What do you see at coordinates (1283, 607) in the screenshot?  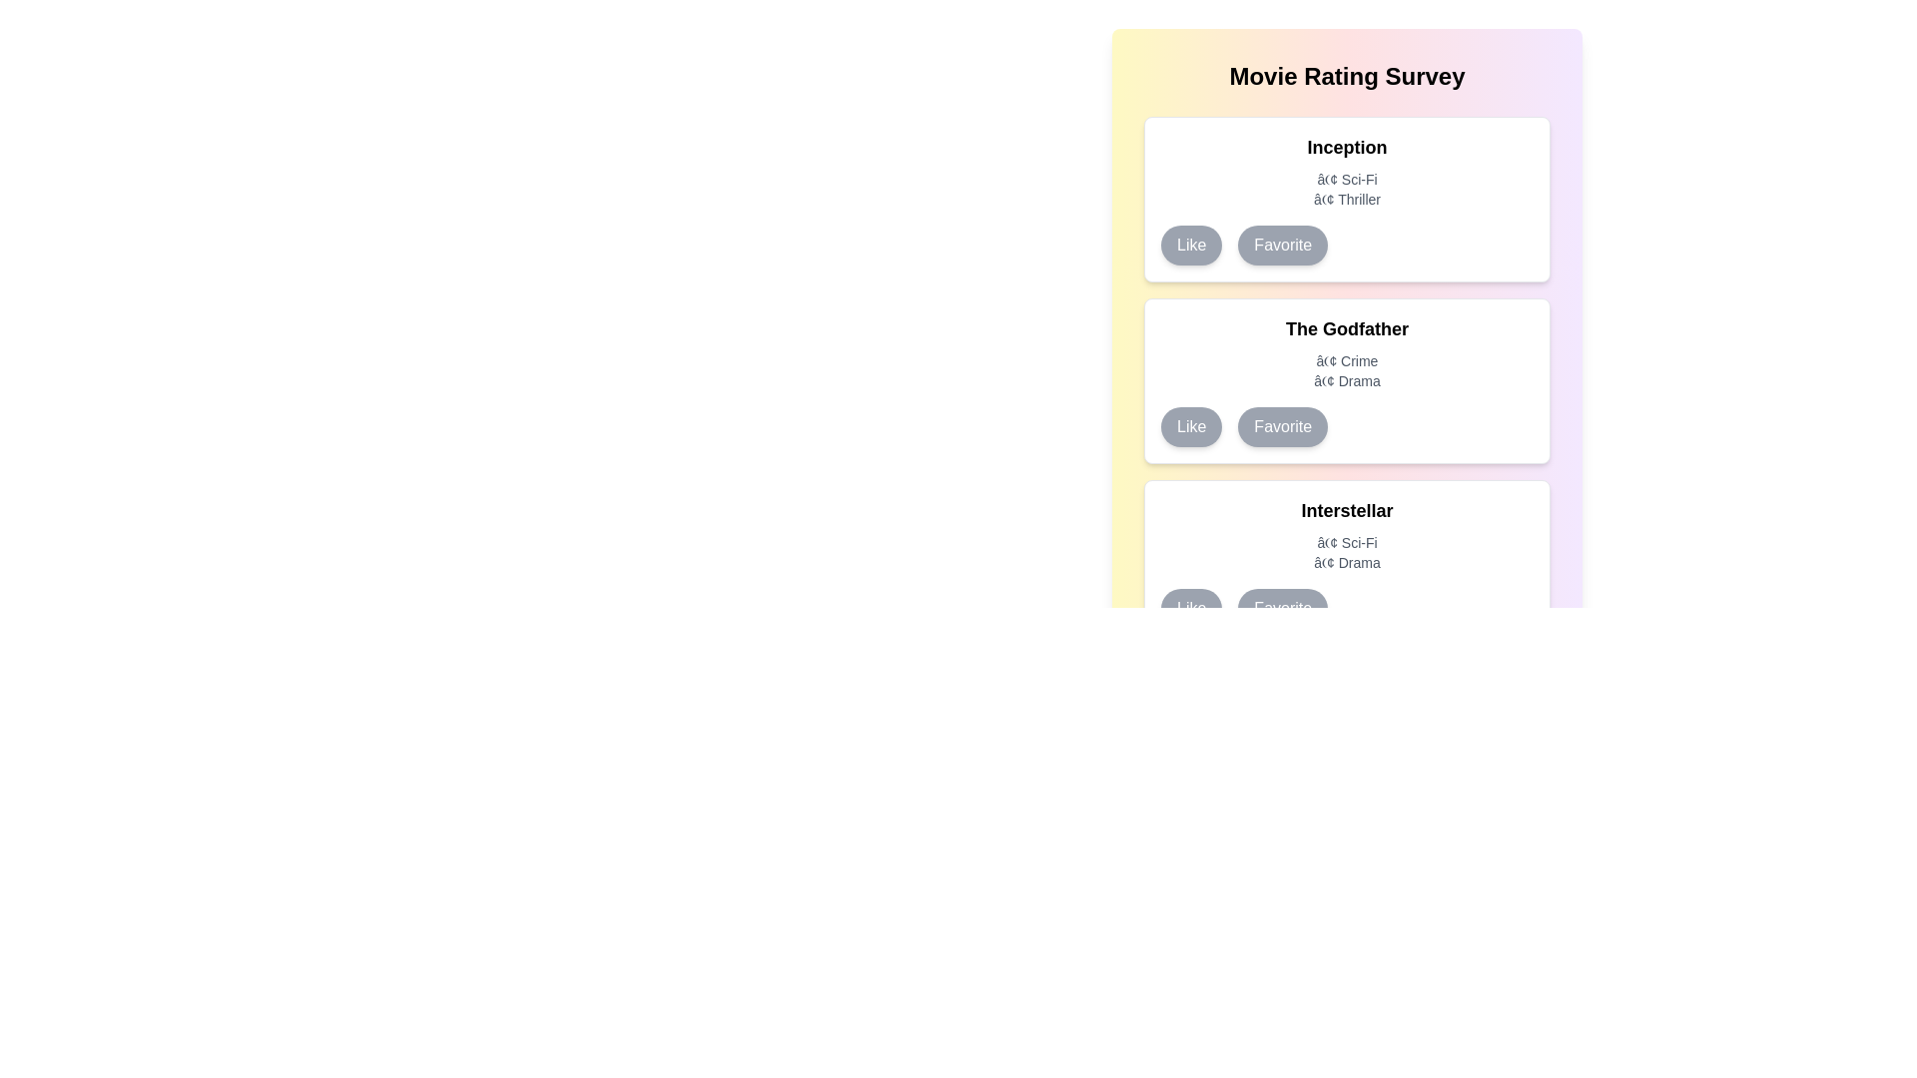 I see `the button in the bottom-right corner of the horizontal button pair to mark the movie 'Interstellar' as a favorite` at bounding box center [1283, 607].